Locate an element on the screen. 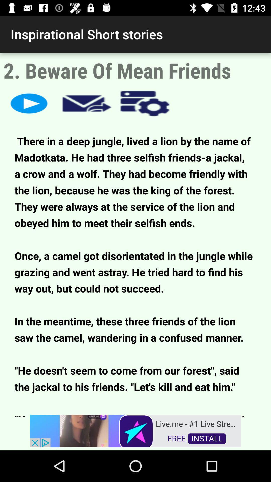  play is located at coordinates (29, 103).